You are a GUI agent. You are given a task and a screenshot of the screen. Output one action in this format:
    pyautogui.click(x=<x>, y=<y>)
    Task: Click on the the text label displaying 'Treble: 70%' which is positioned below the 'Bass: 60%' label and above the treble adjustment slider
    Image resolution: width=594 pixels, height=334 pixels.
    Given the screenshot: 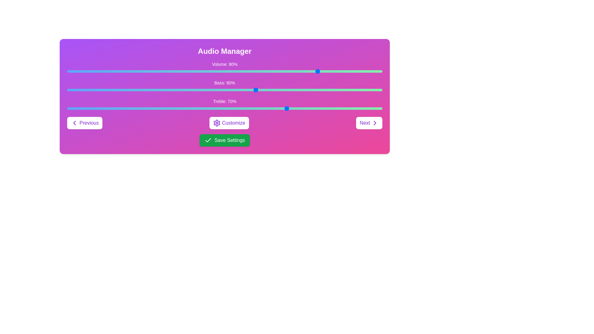 What is the action you would take?
    pyautogui.click(x=224, y=101)
    